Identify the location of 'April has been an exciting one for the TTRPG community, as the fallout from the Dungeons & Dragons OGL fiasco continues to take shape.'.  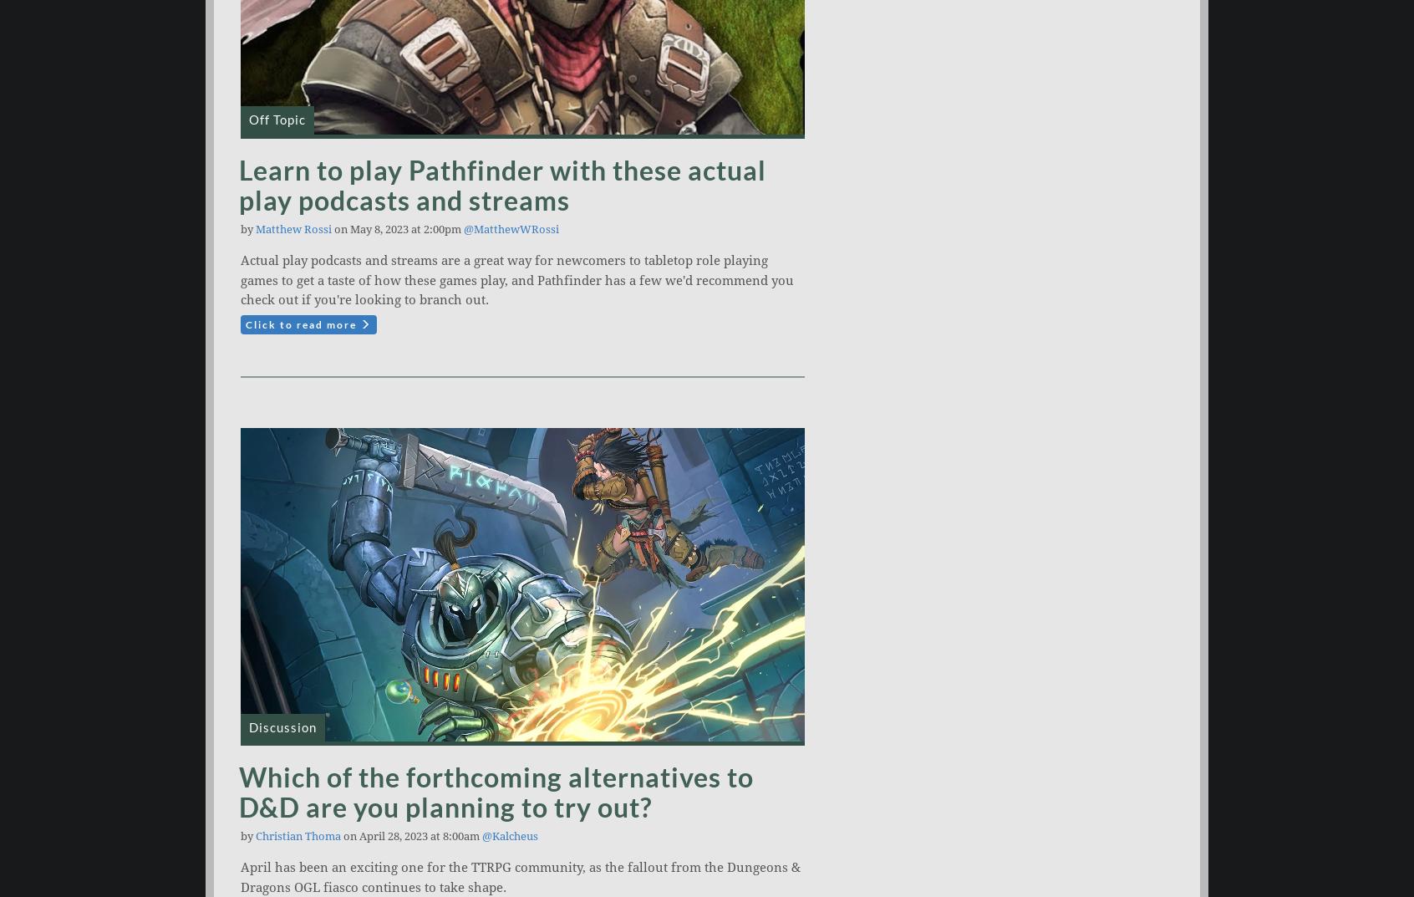
(519, 877).